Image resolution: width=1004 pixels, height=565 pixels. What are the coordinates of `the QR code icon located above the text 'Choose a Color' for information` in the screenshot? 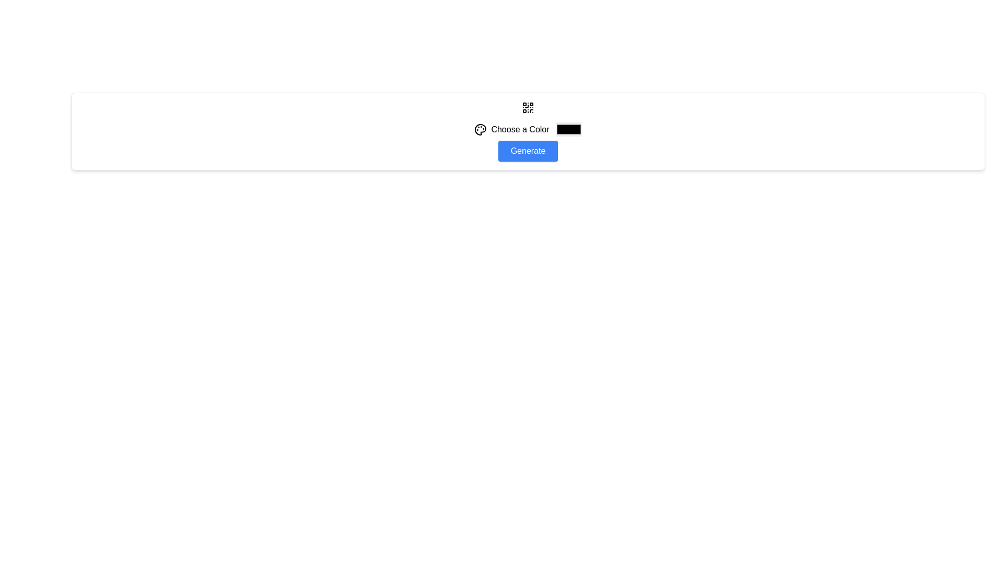 It's located at (528, 107).